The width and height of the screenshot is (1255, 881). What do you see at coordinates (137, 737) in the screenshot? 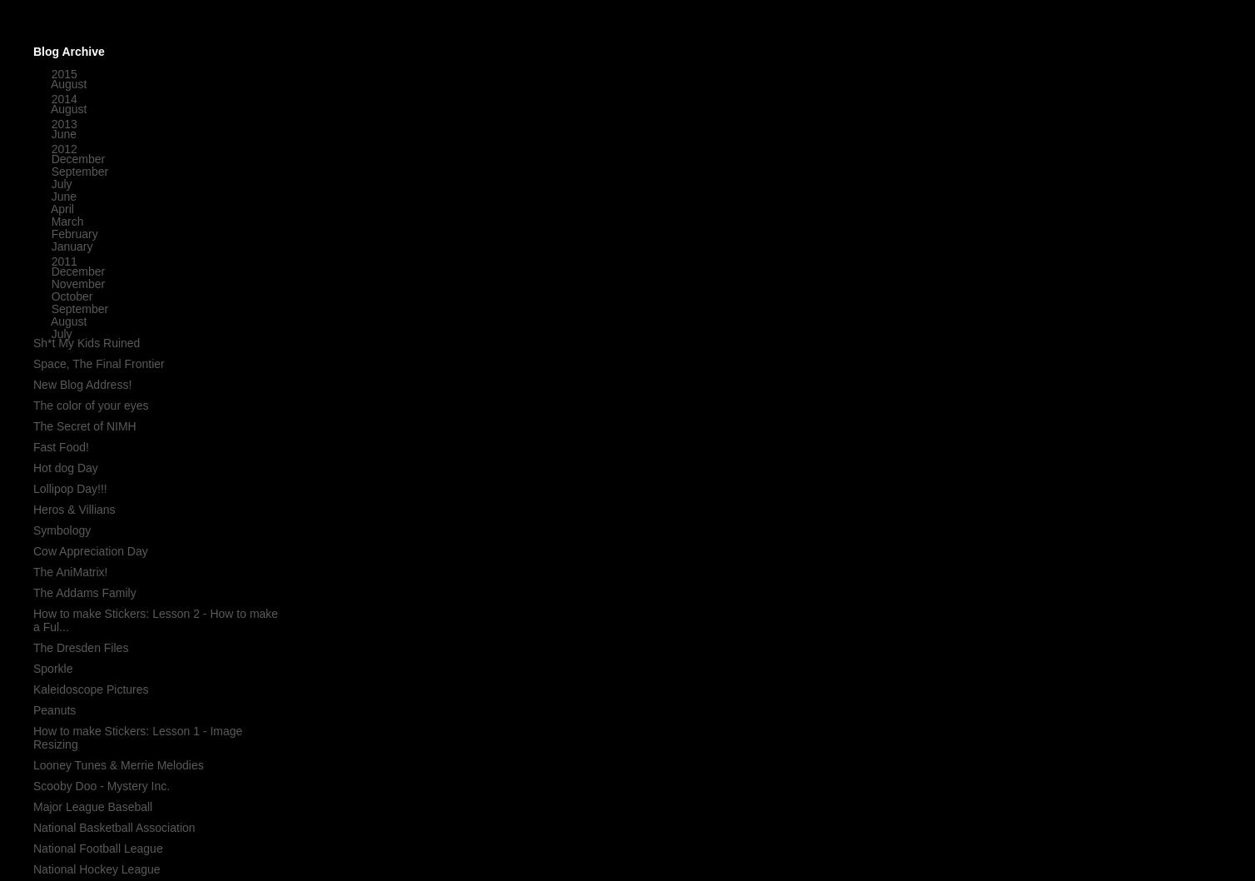
I see `'How to make Stickers: Lesson 1 - Image Resizing'` at bounding box center [137, 737].